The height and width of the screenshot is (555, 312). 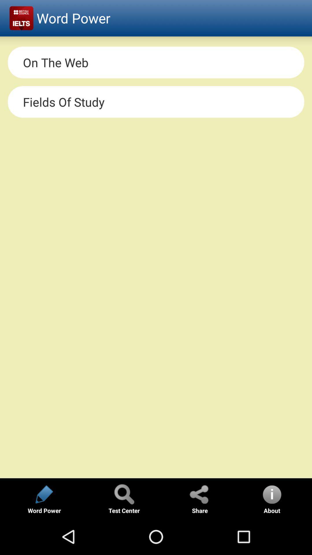 I want to click on item above fields of study, so click(x=156, y=62).